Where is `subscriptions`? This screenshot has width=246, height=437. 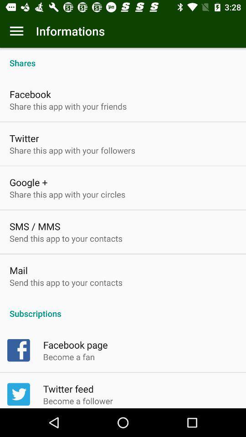
subscriptions is located at coordinates (123, 309).